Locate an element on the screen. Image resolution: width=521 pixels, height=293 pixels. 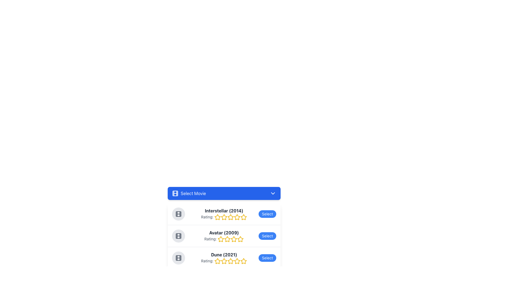
the second Rating Star Icon for the movie 'Avatar (2009)', which is part of the rating group elements is located at coordinates (234, 239).